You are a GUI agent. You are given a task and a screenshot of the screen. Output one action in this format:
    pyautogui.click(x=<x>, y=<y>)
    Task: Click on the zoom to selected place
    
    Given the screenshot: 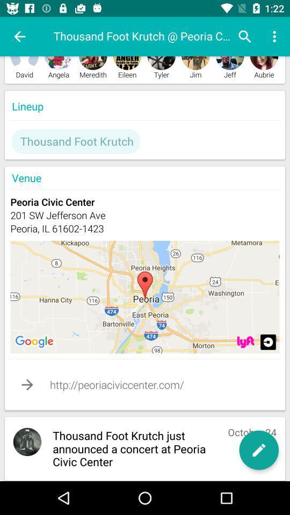 What is the action you would take?
    pyautogui.click(x=245, y=341)
    